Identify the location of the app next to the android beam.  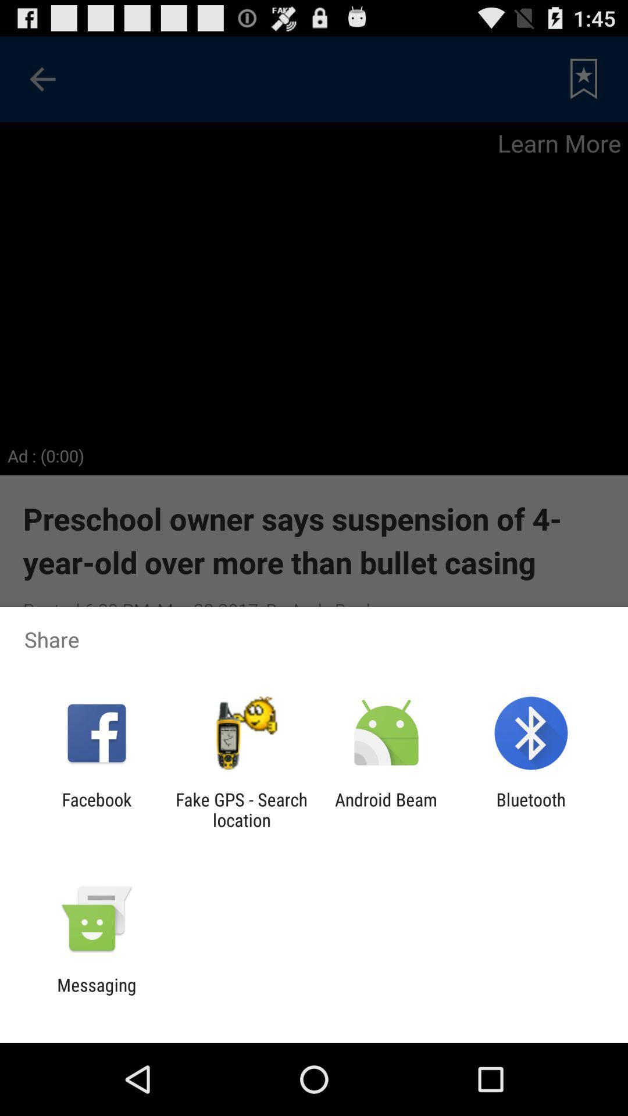
(531, 809).